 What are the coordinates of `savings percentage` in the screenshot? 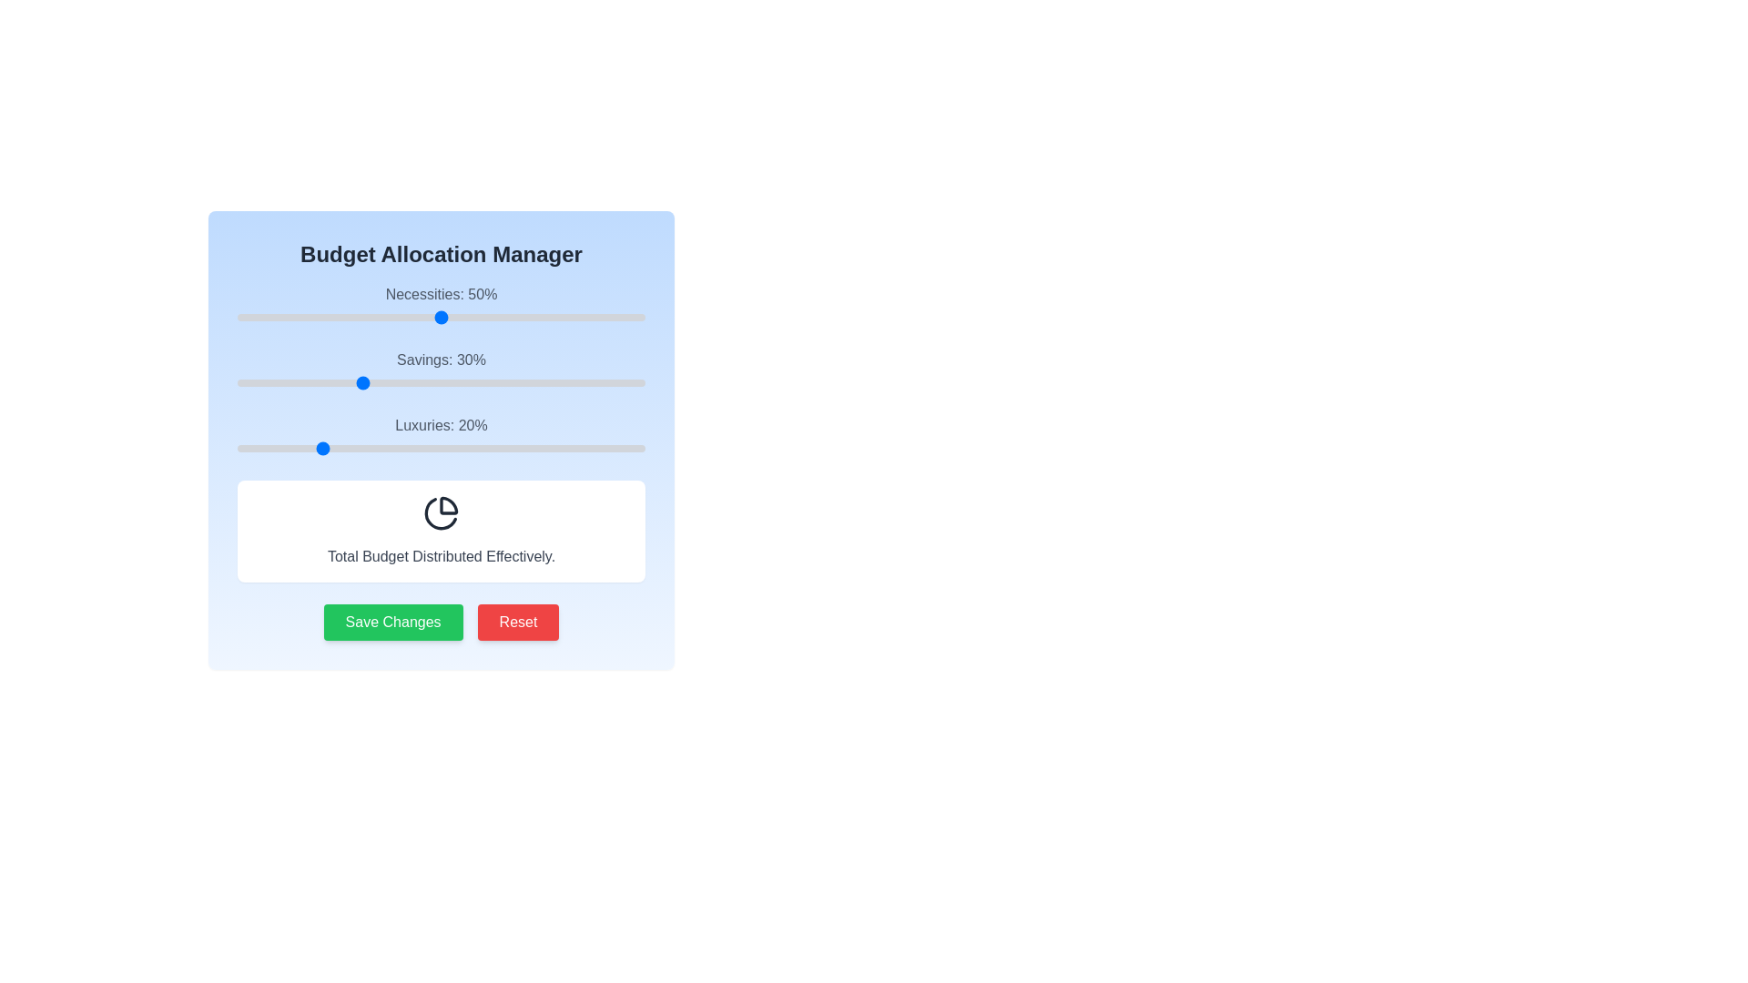 It's located at (428, 381).